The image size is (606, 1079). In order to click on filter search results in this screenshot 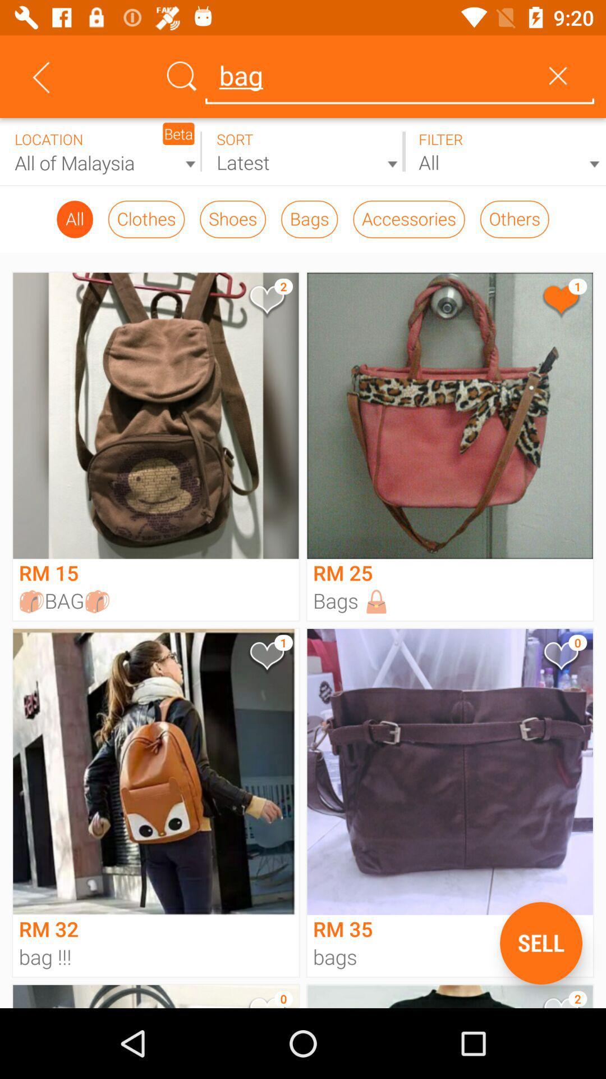, I will do `click(504, 151)`.